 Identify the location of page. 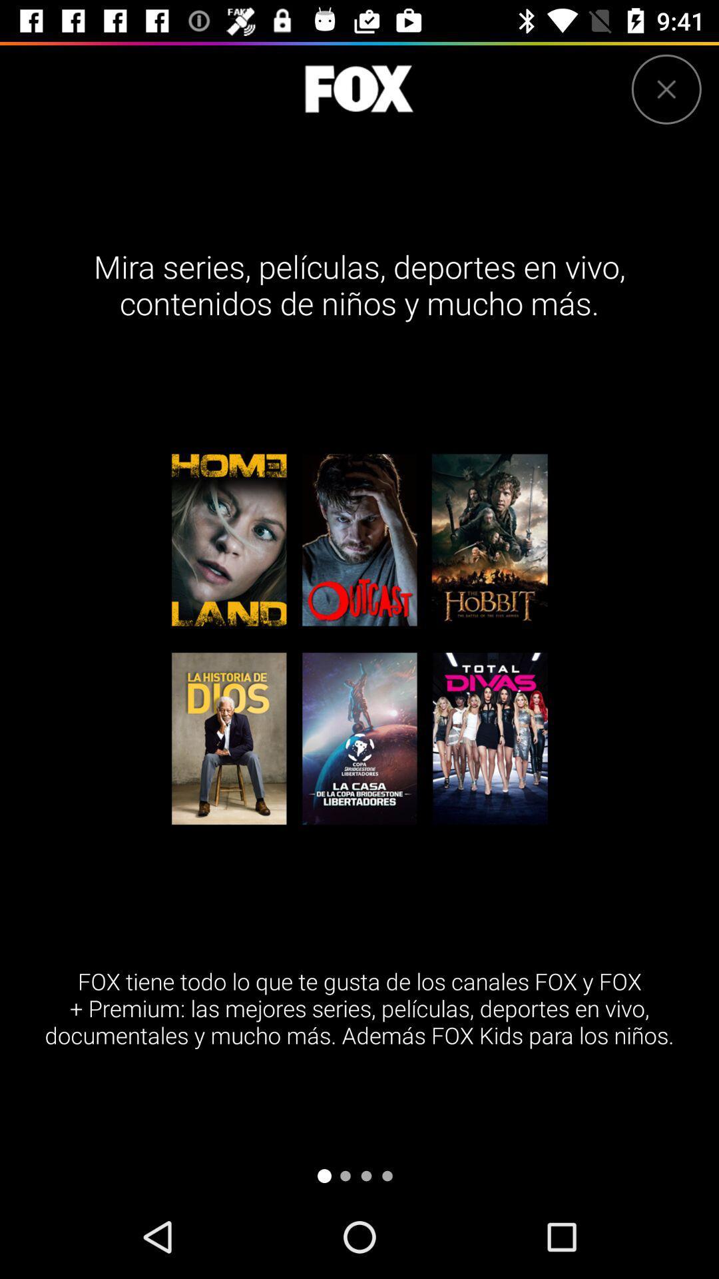
(666, 89).